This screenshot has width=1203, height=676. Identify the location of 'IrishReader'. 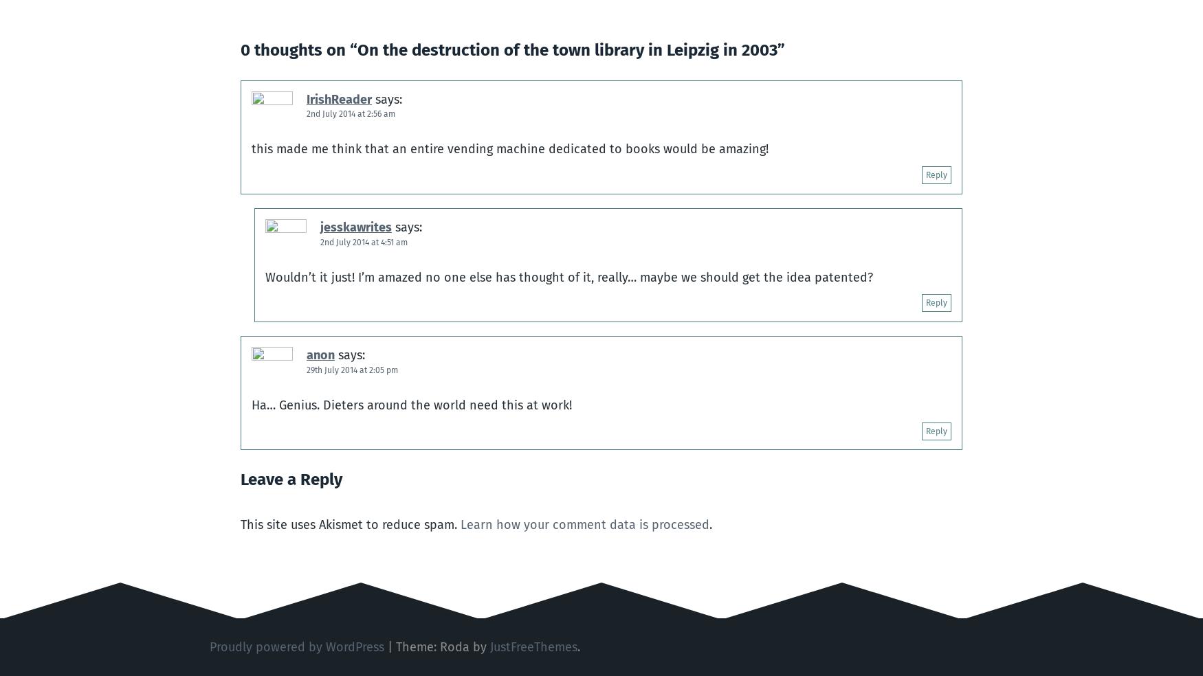
(307, 98).